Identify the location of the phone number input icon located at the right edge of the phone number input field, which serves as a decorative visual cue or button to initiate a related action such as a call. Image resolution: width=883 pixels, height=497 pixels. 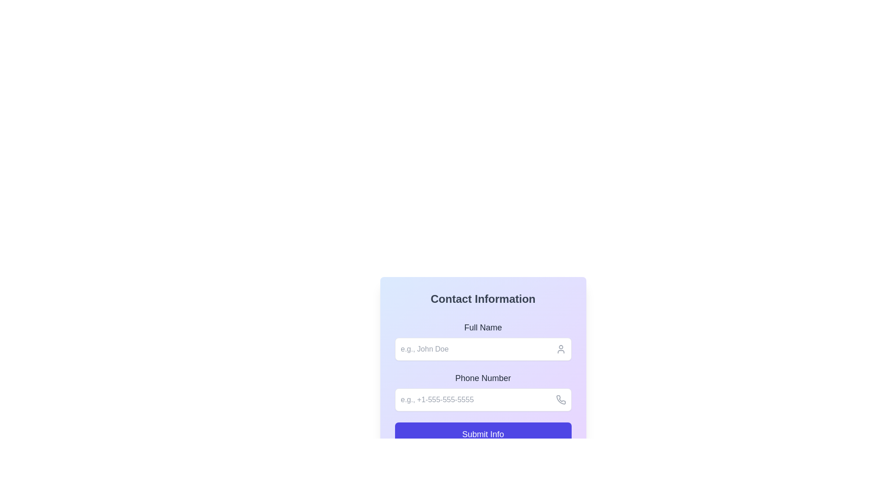
(560, 399).